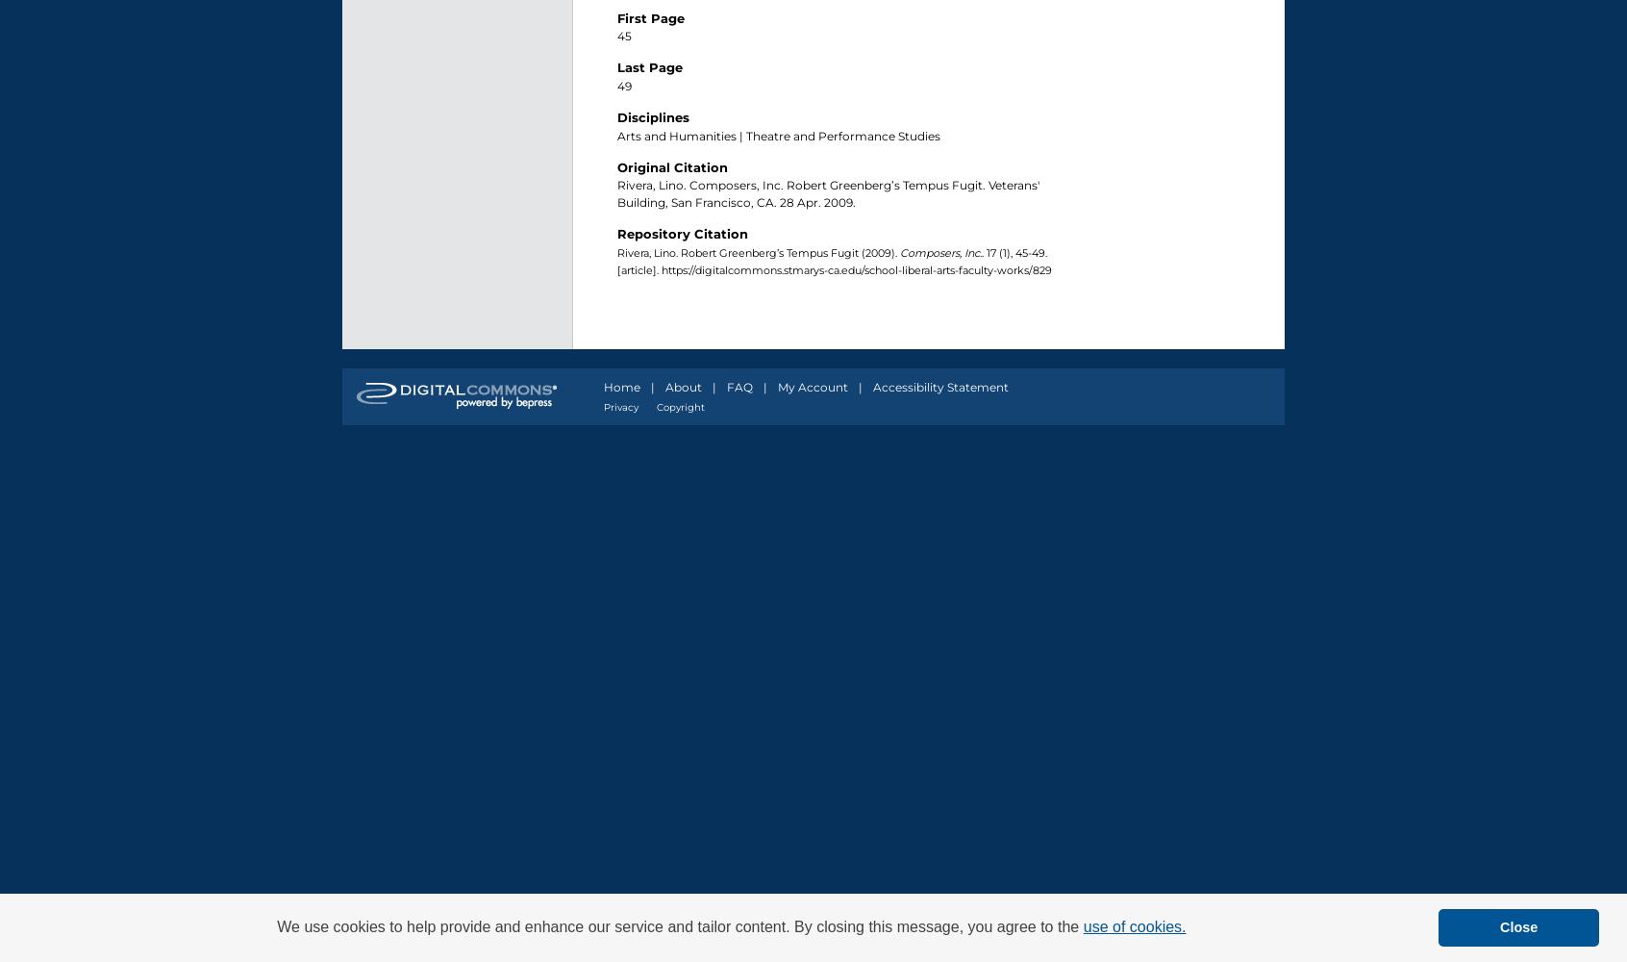  What do you see at coordinates (679, 407) in the screenshot?
I see `'Copyright'` at bounding box center [679, 407].